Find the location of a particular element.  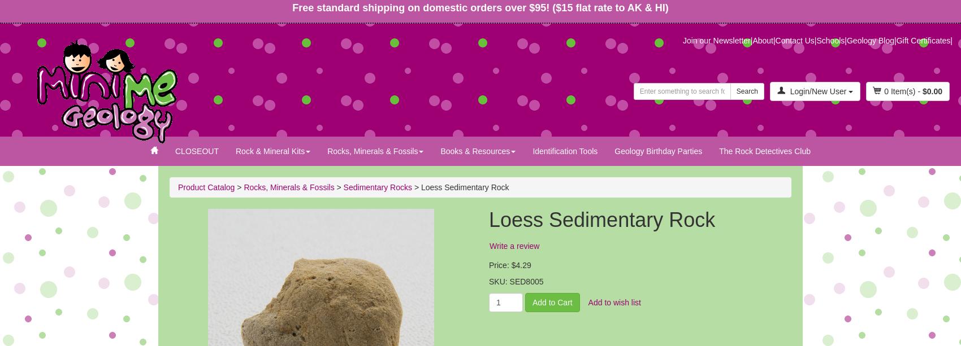

'Login/New User' is located at coordinates (817, 90).